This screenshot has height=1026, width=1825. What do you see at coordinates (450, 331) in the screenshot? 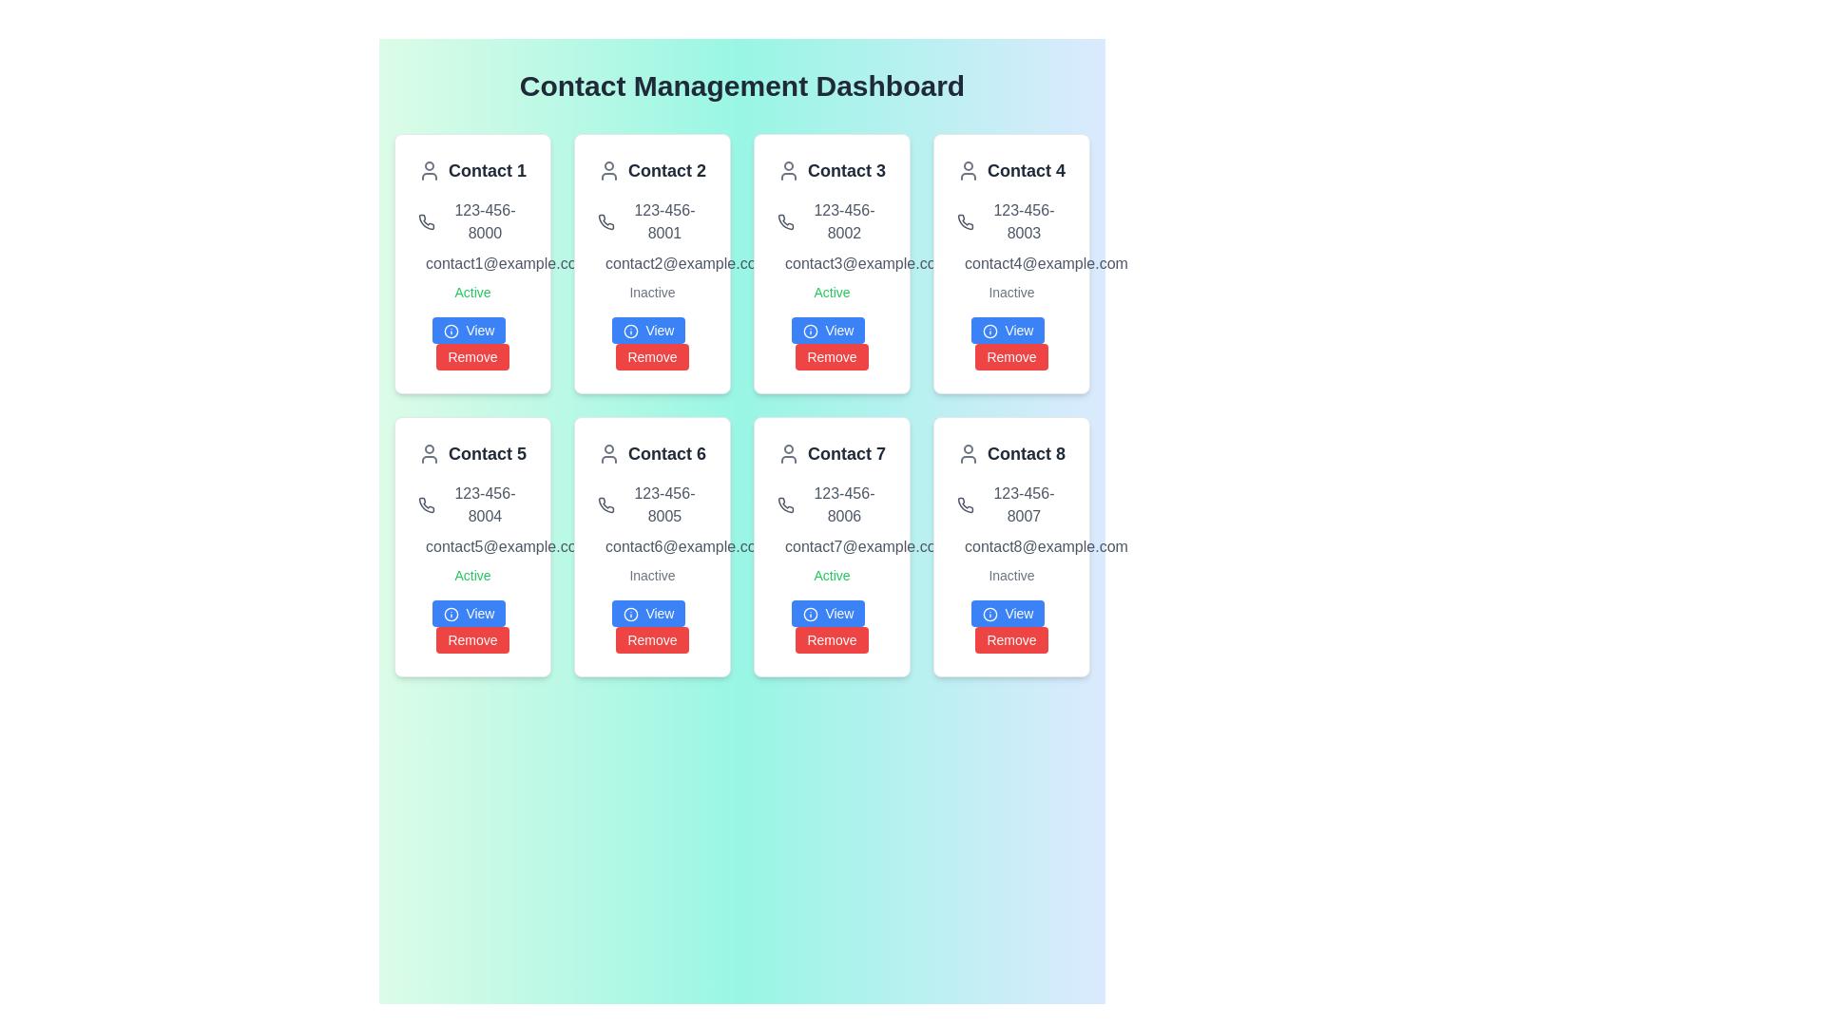
I see `the circular SVG element styled with a stroke, located at the center of the 'info' icon next to the 'View' button of the first contact card under the 'Active' label` at bounding box center [450, 331].